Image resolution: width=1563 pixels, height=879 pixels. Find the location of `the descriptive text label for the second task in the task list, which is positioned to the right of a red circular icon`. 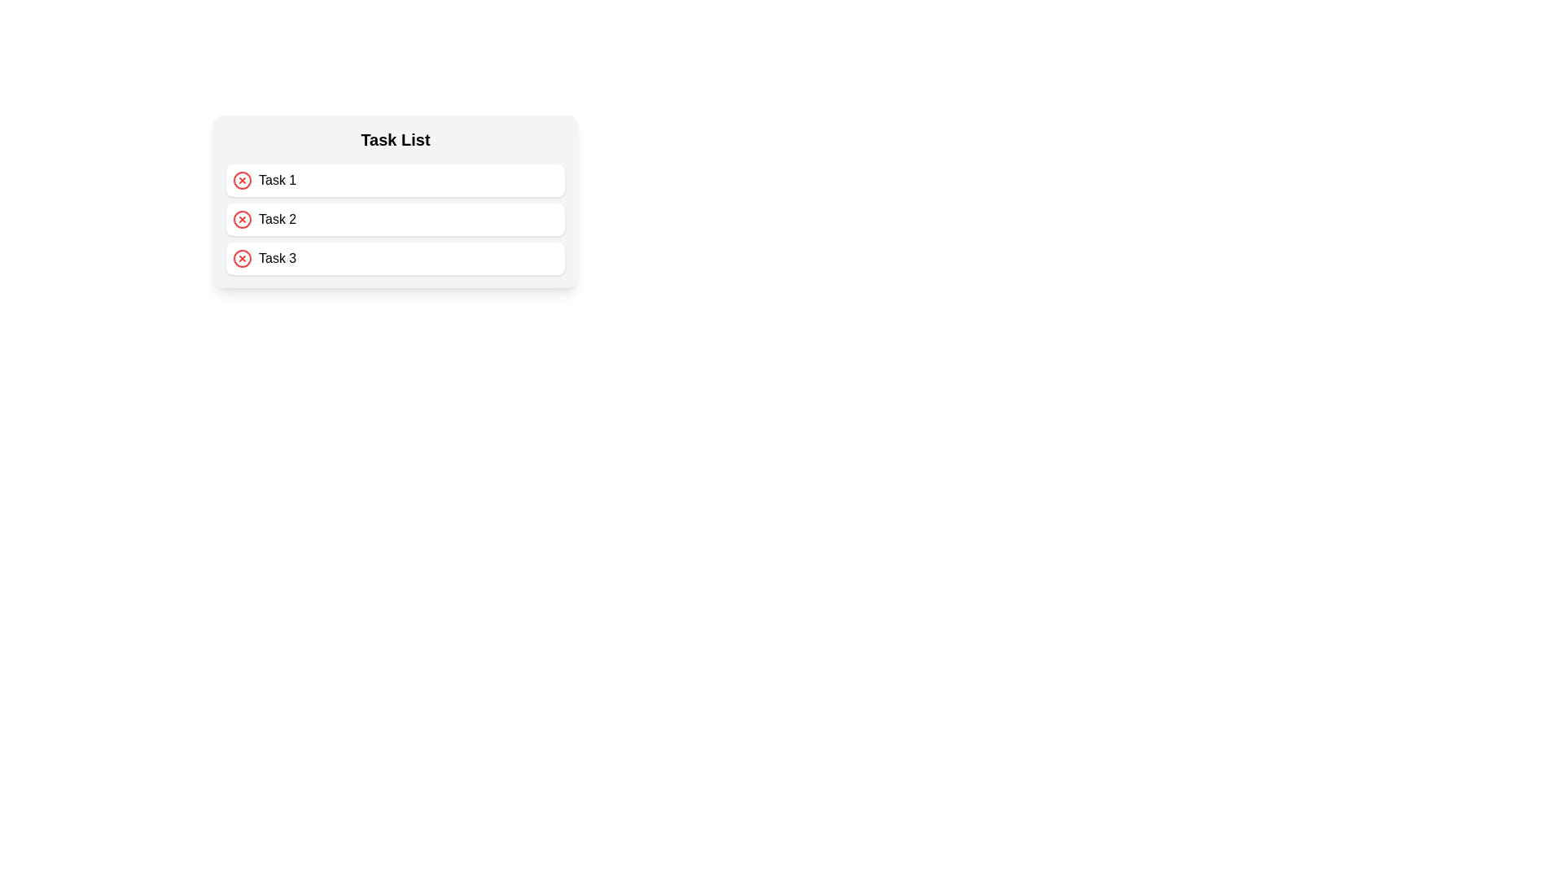

the descriptive text label for the second task in the task list, which is positioned to the right of a red circular icon is located at coordinates (278, 220).